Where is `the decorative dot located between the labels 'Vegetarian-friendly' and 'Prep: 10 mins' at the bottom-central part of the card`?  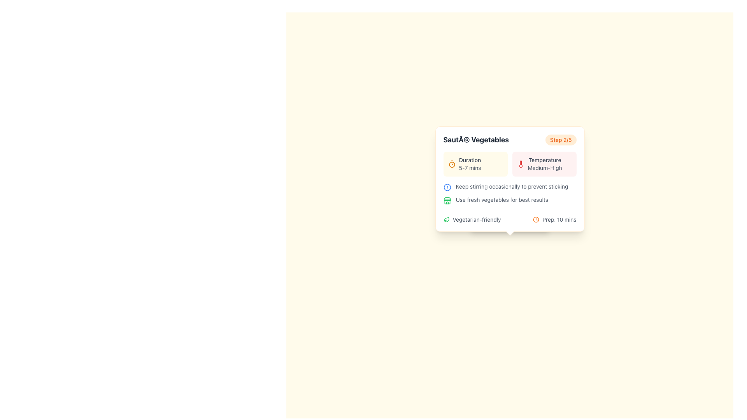
the decorative dot located between the labels 'Vegetarian-friendly' and 'Prep: 10 mins' at the bottom-central part of the card is located at coordinates (510, 222).